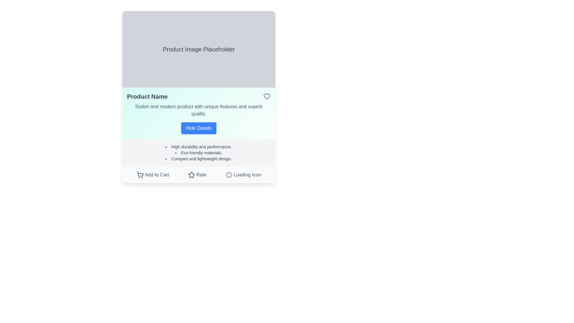  I want to click on the first bullet point in a list, which reads 'High durability and performance', located near the bottom center of the product information panel, so click(199, 147).